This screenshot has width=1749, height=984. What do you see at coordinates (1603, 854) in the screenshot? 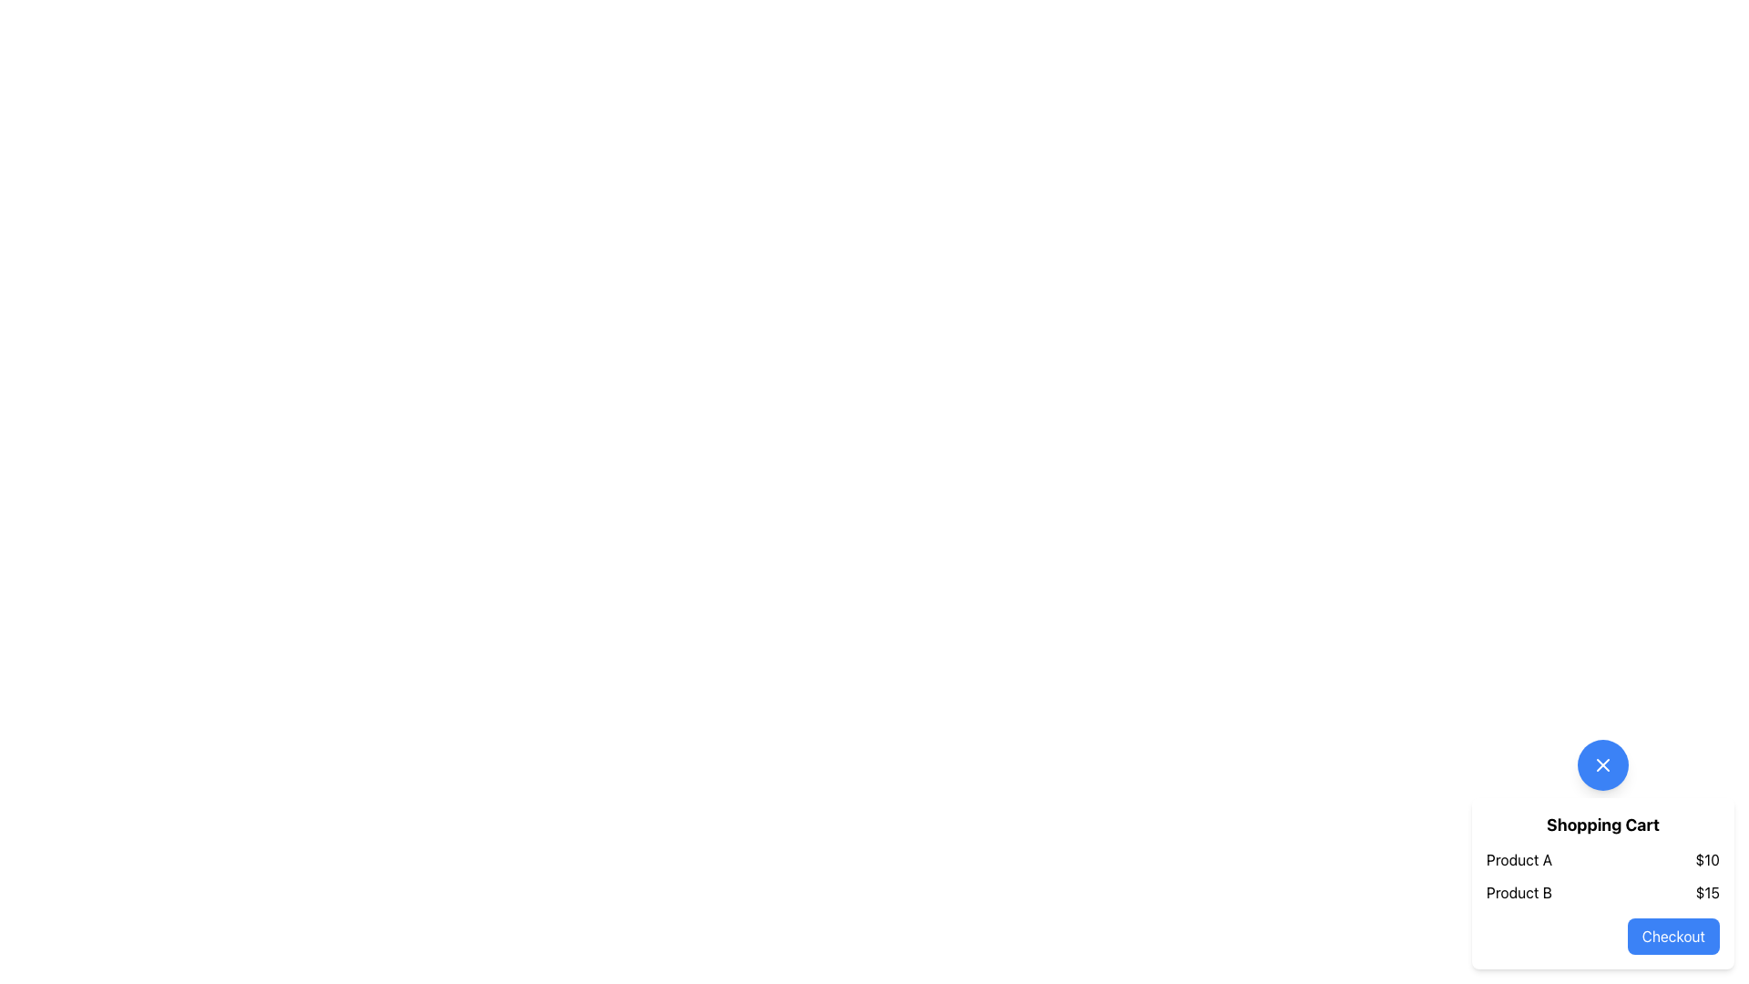
I see `the product in the shopping cart interface` at bounding box center [1603, 854].